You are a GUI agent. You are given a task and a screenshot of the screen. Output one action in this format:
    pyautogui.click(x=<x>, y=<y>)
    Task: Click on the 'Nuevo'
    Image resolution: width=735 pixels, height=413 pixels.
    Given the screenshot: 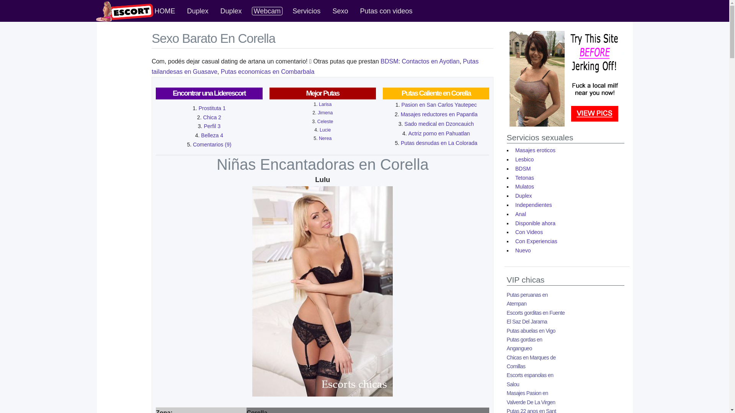 What is the action you would take?
    pyautogui.click(x=522, y=250)
    